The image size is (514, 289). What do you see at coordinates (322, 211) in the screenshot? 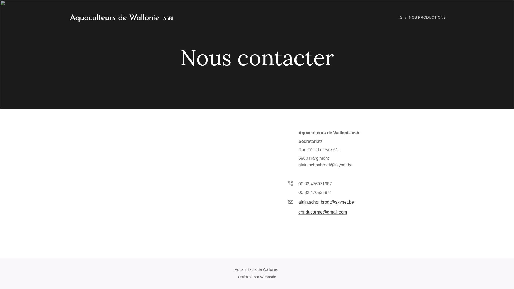
I see `'chr.ducarme@gmail.com'` at bounding box center [322, 211].